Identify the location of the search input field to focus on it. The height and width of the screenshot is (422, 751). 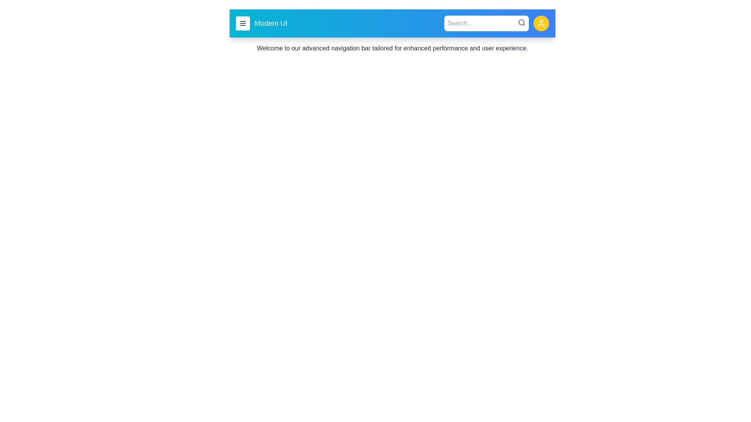
(486, 23).